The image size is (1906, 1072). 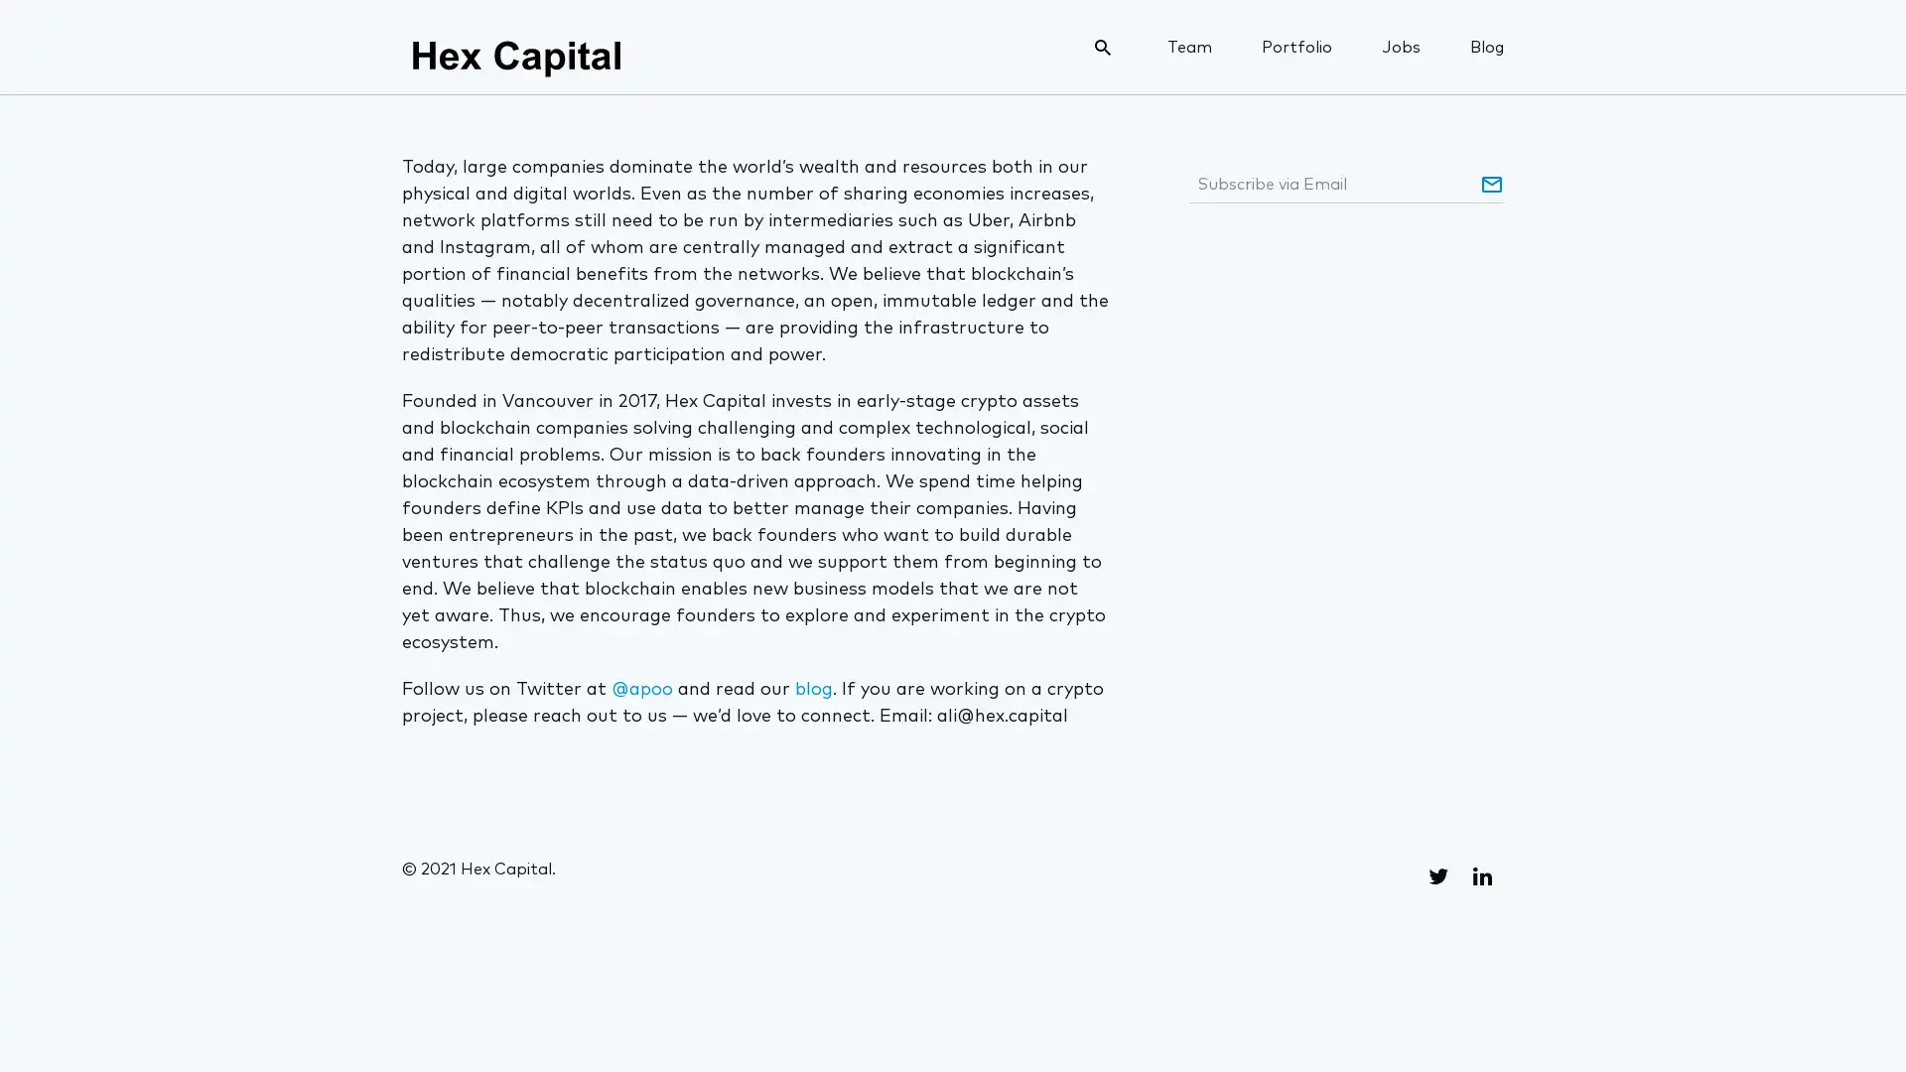 I want to click on Subscribe, so click(x=1491, y=184).